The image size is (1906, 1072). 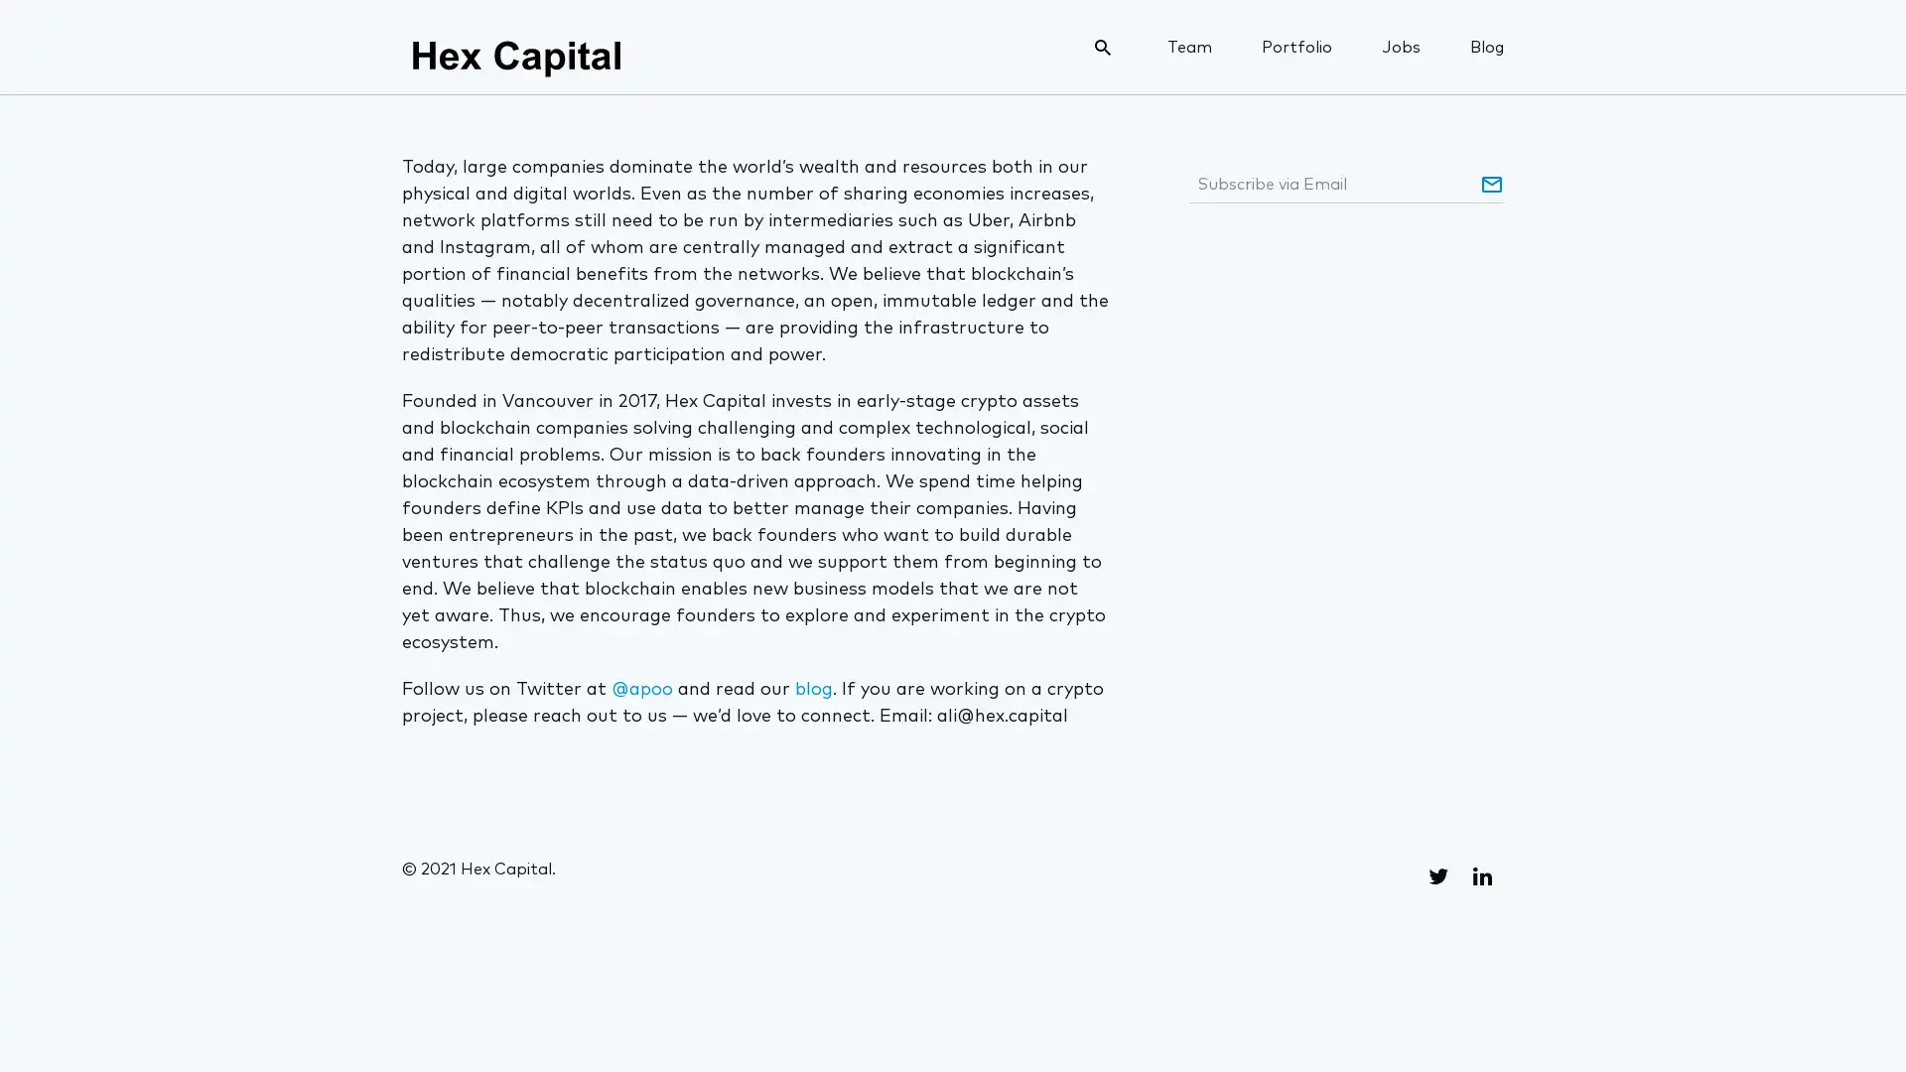 I want to click on Subscribe, so click(x=1491, y=184).